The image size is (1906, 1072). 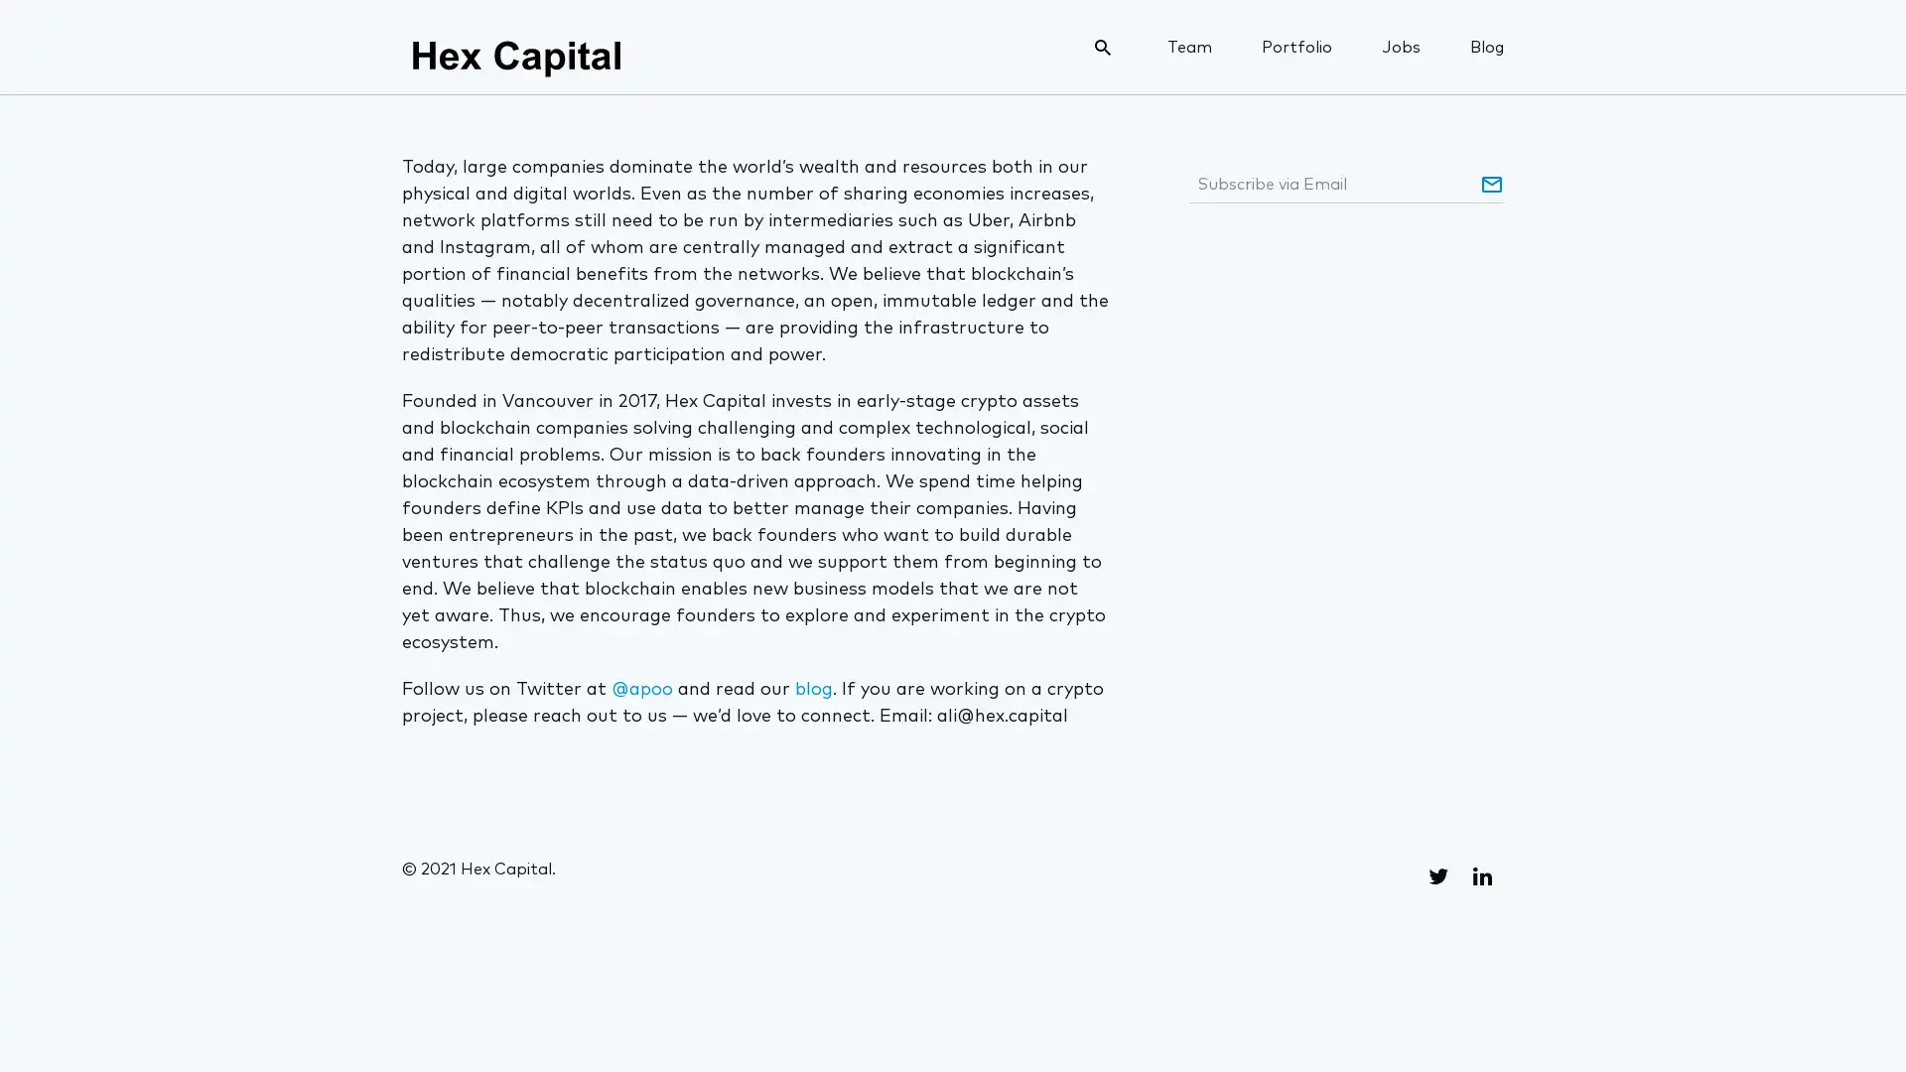 I want to click on Subscribe, so click(x=1491, y=184).